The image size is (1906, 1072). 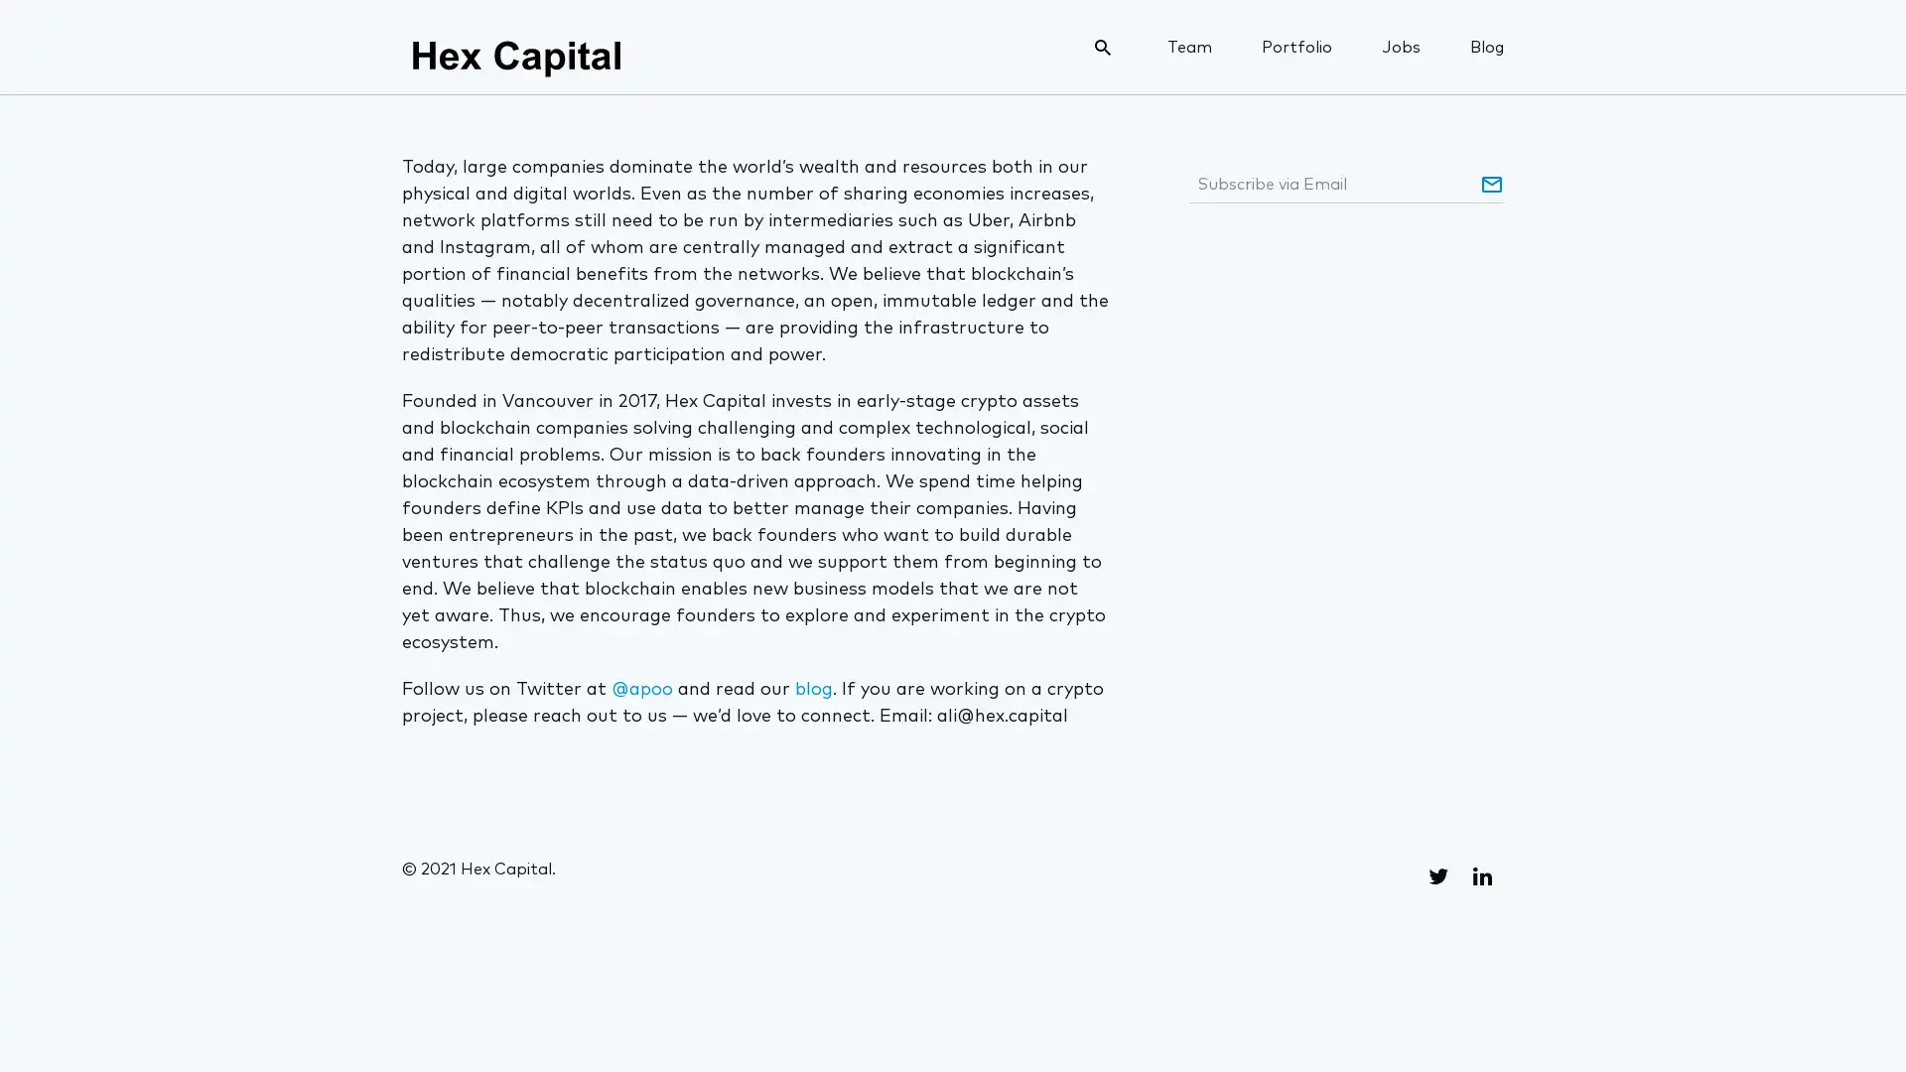 I want to click on Subscribe, so click(x=1491, y=184).